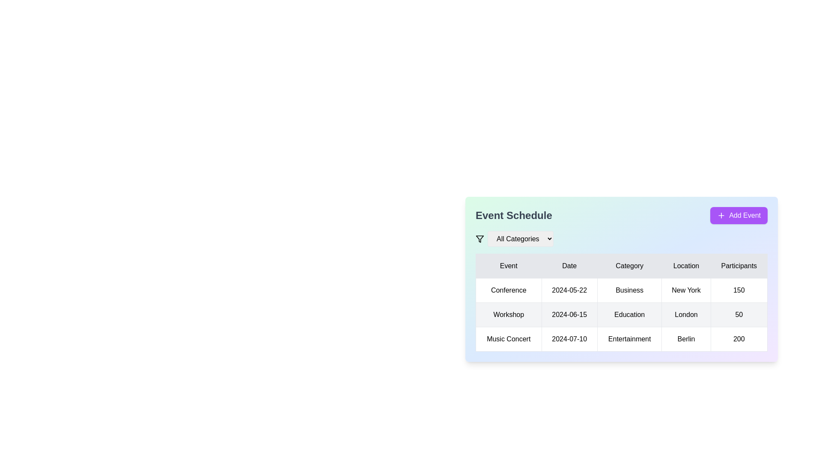 Image resolution: width=822 pixels, height=462 pixels. I want to click on the 'Category' text label, which is the third header in a table with a light gray background and a defined border, so click(629, 265).